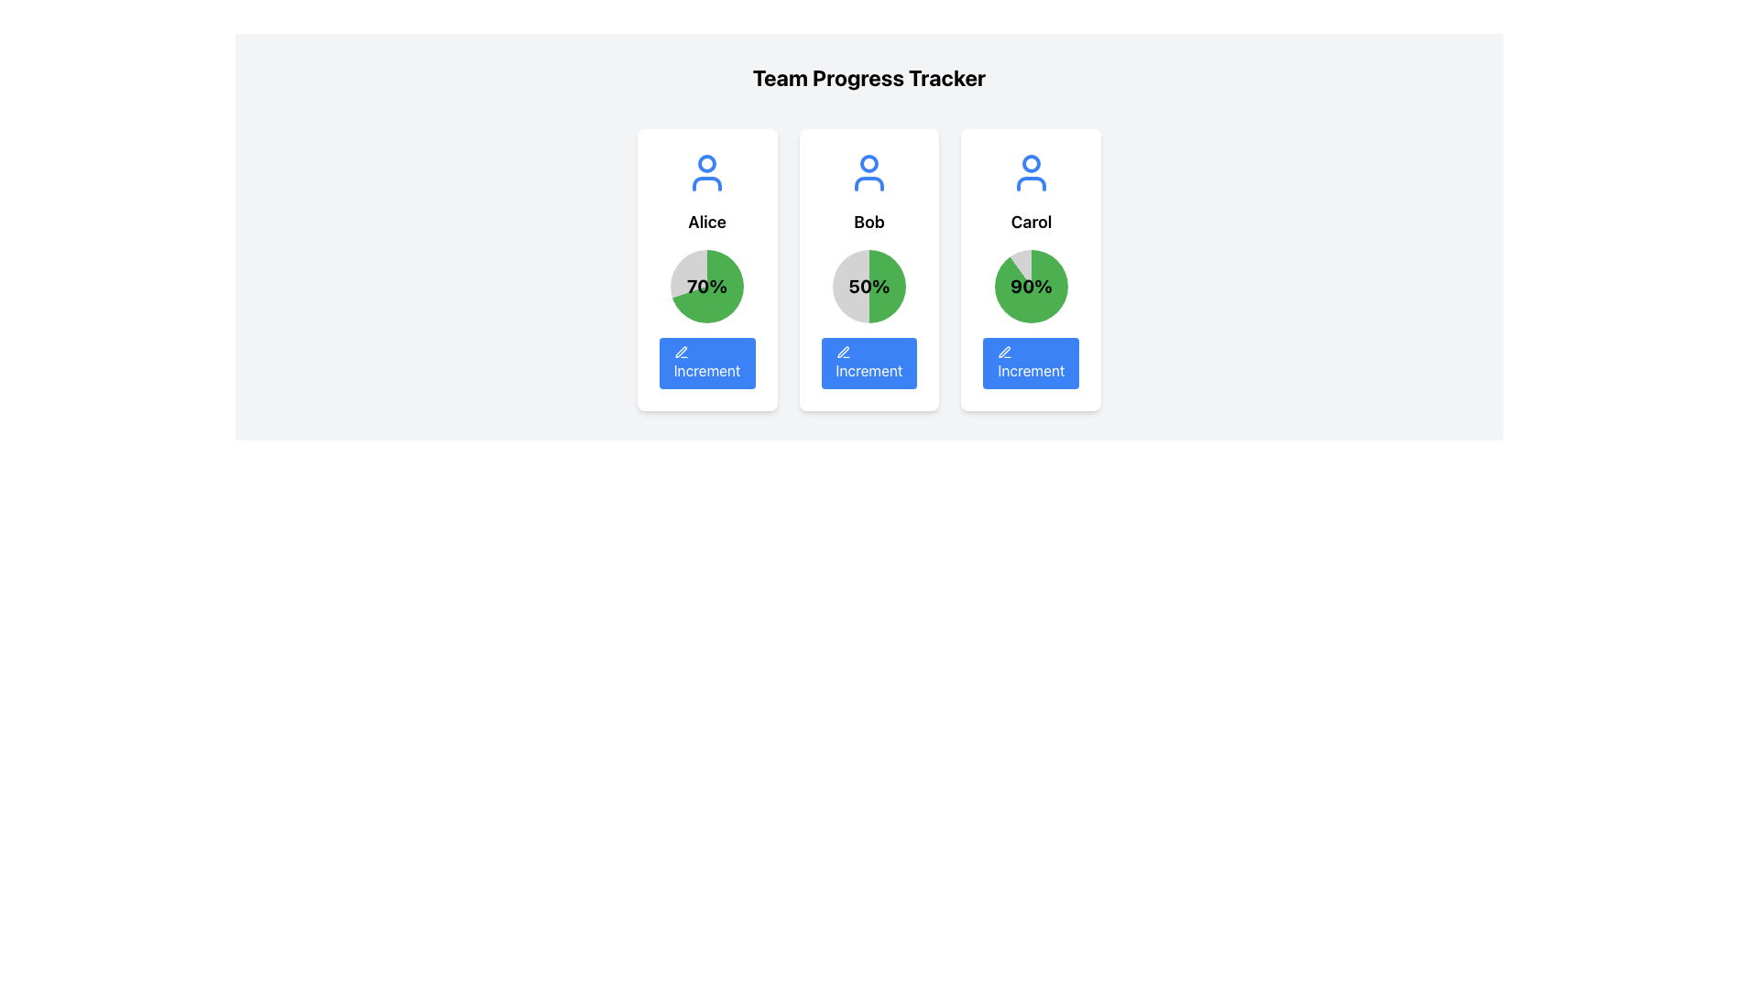  What do you see at coordinates (1031, 364) in the screenshot?
I see `the 'Increment' button` at bounding box center [1031, 364].